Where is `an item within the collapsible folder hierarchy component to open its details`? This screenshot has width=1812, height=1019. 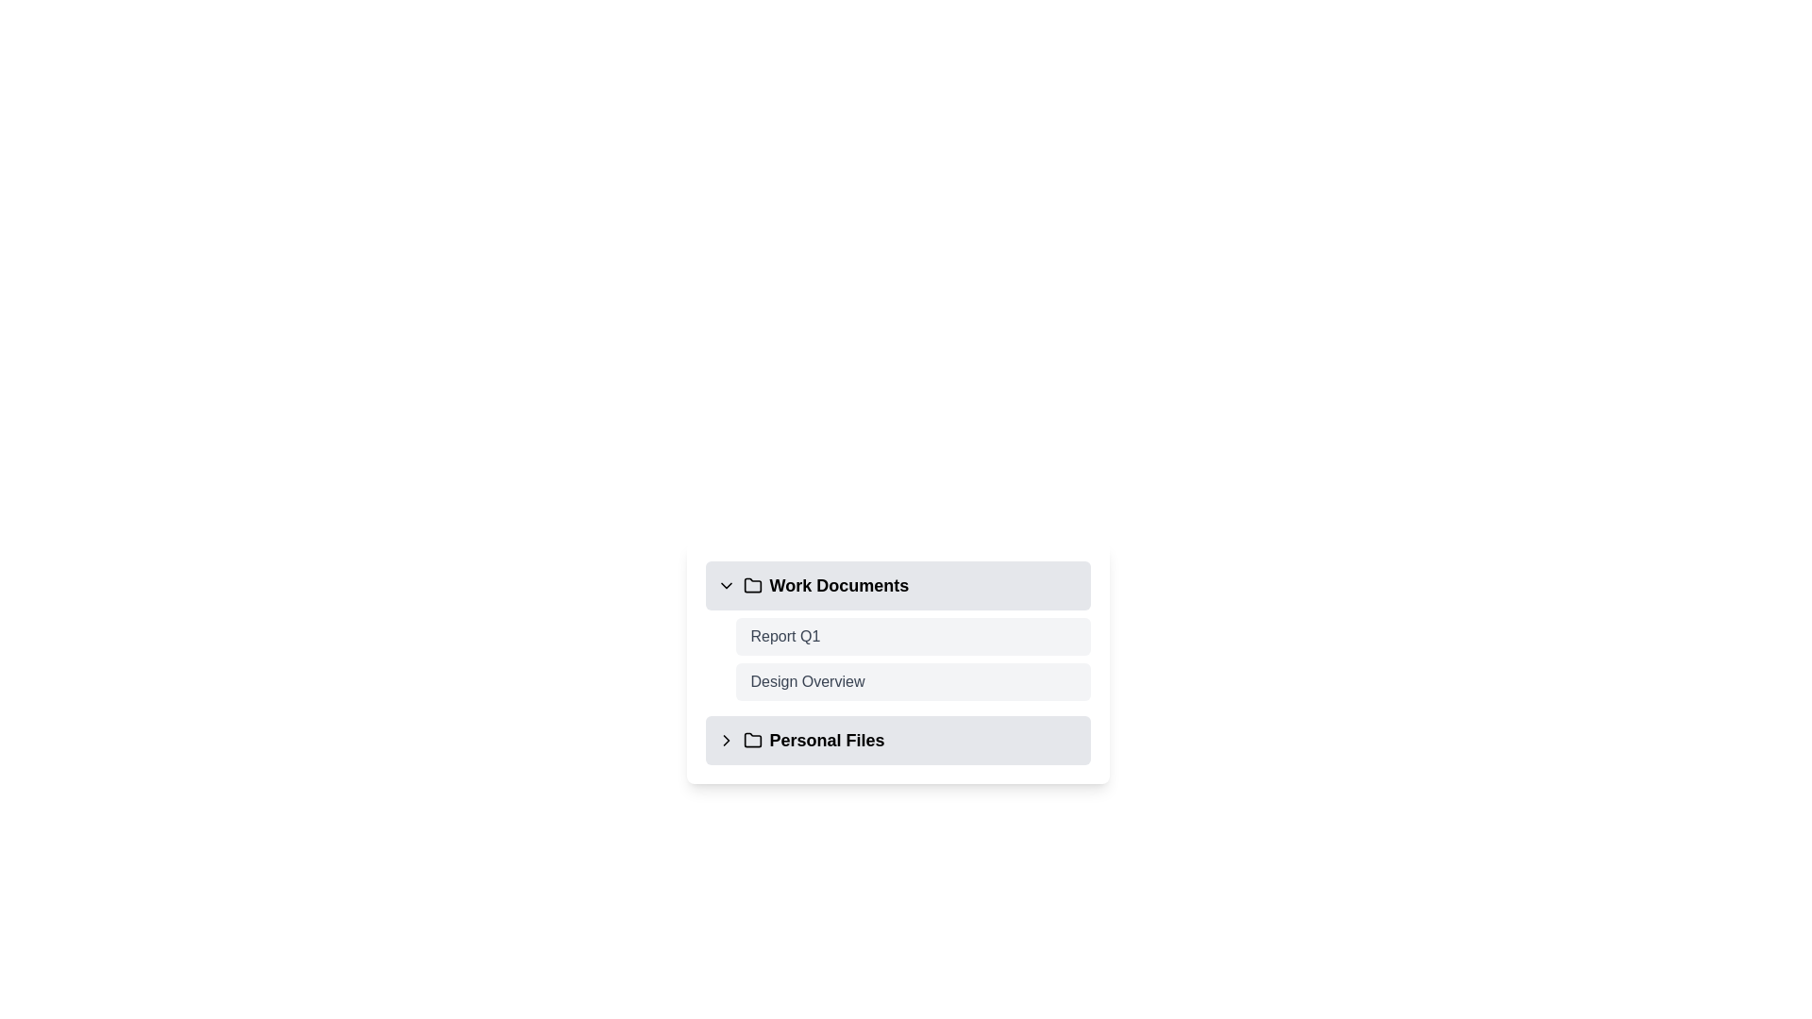
an item within the collapsible folder hierarchy component to open its details is located at coordinates (897, 661).